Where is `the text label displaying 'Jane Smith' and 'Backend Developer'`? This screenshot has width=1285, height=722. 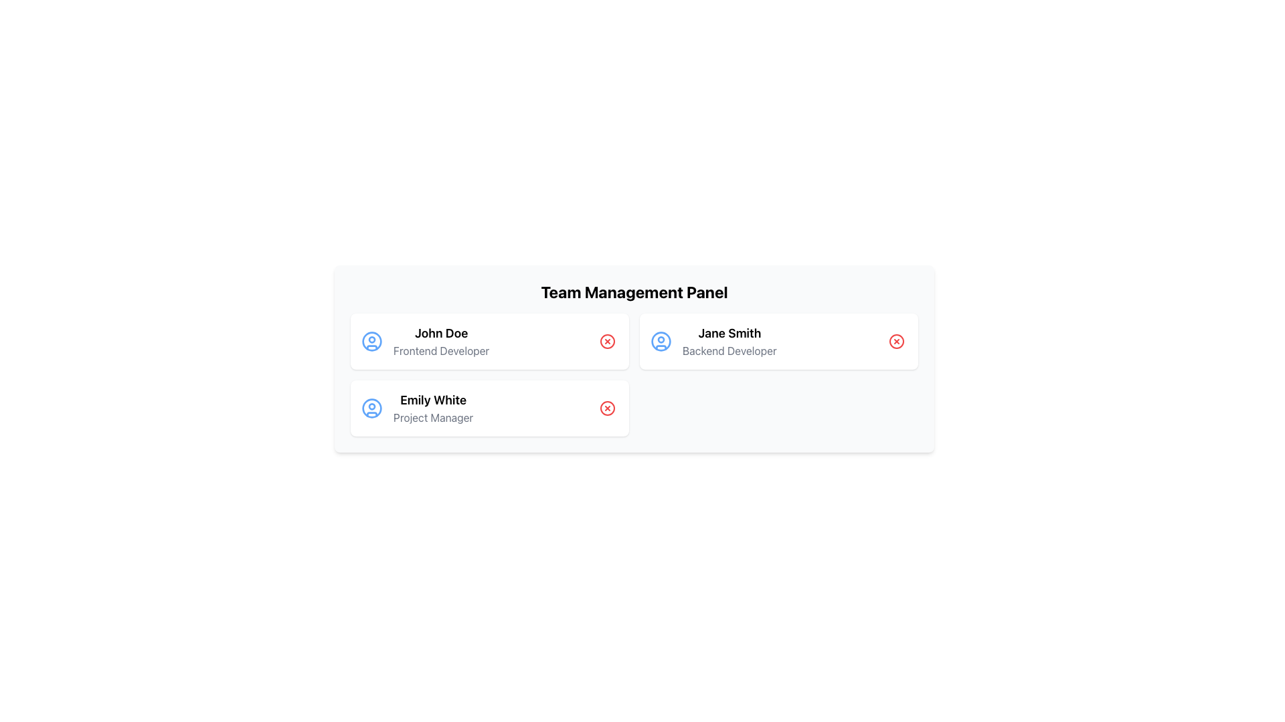
the text label displaying 'Jane Smith' and 'Backend Developer' is located at coordinates (729, 340).